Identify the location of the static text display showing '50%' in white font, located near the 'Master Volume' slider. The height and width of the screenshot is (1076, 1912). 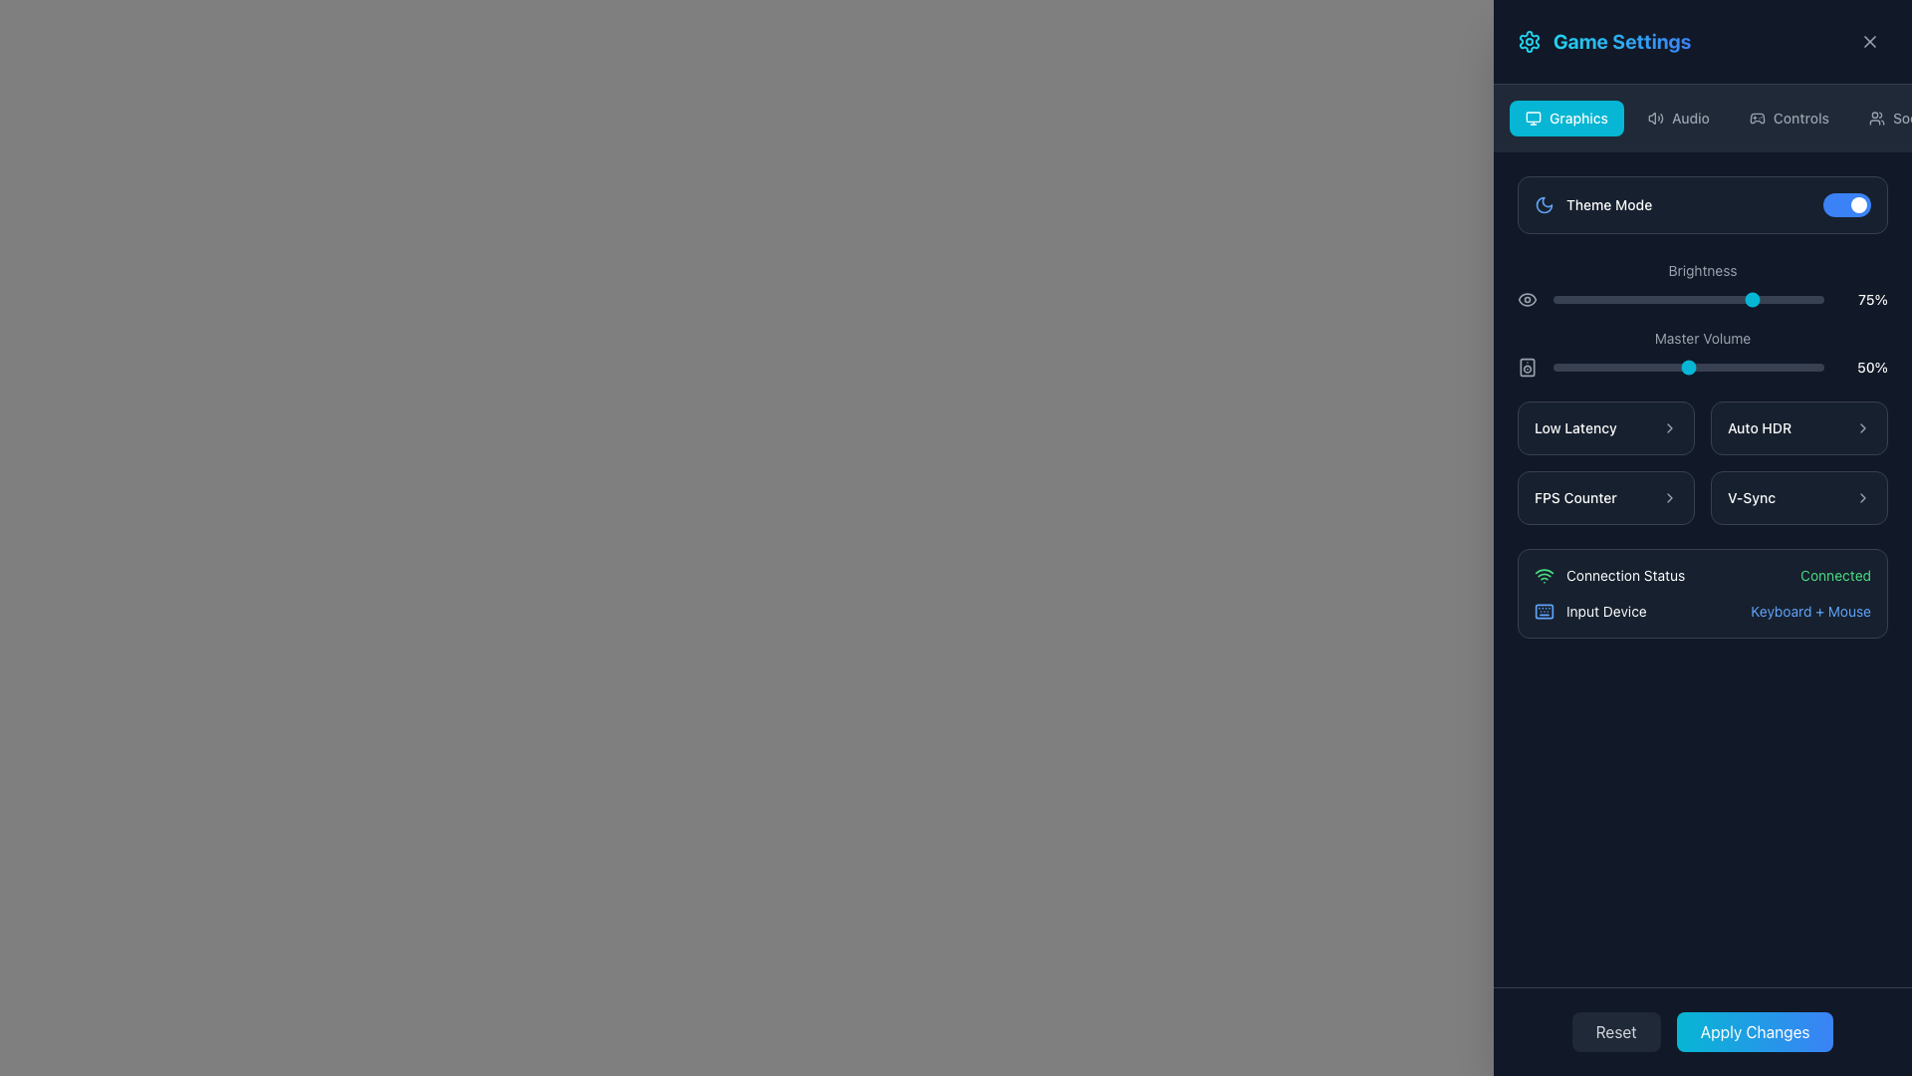
(1863, 368).